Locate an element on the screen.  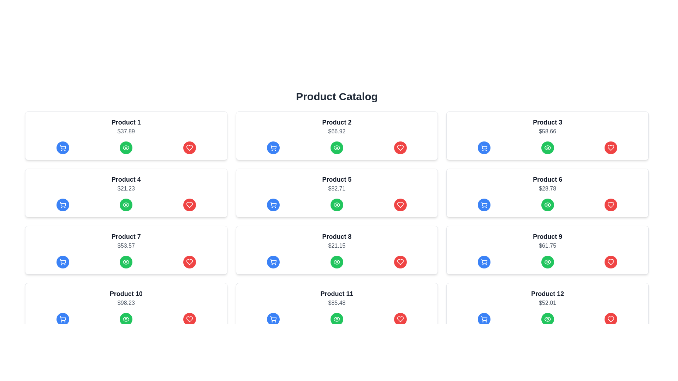
the circular red button with a white heart icon, which is the rightmost button in the row labeled 'Product 4' in the second row of the grid is located at coordinates (189, 205).